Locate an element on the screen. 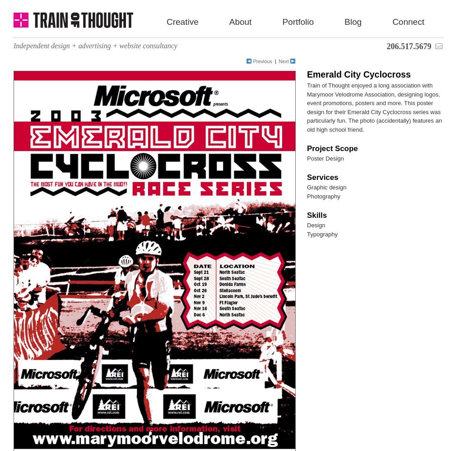 The height and width of the screenshot is (451, 456). 'Next' is located at coordinates (283, 61).